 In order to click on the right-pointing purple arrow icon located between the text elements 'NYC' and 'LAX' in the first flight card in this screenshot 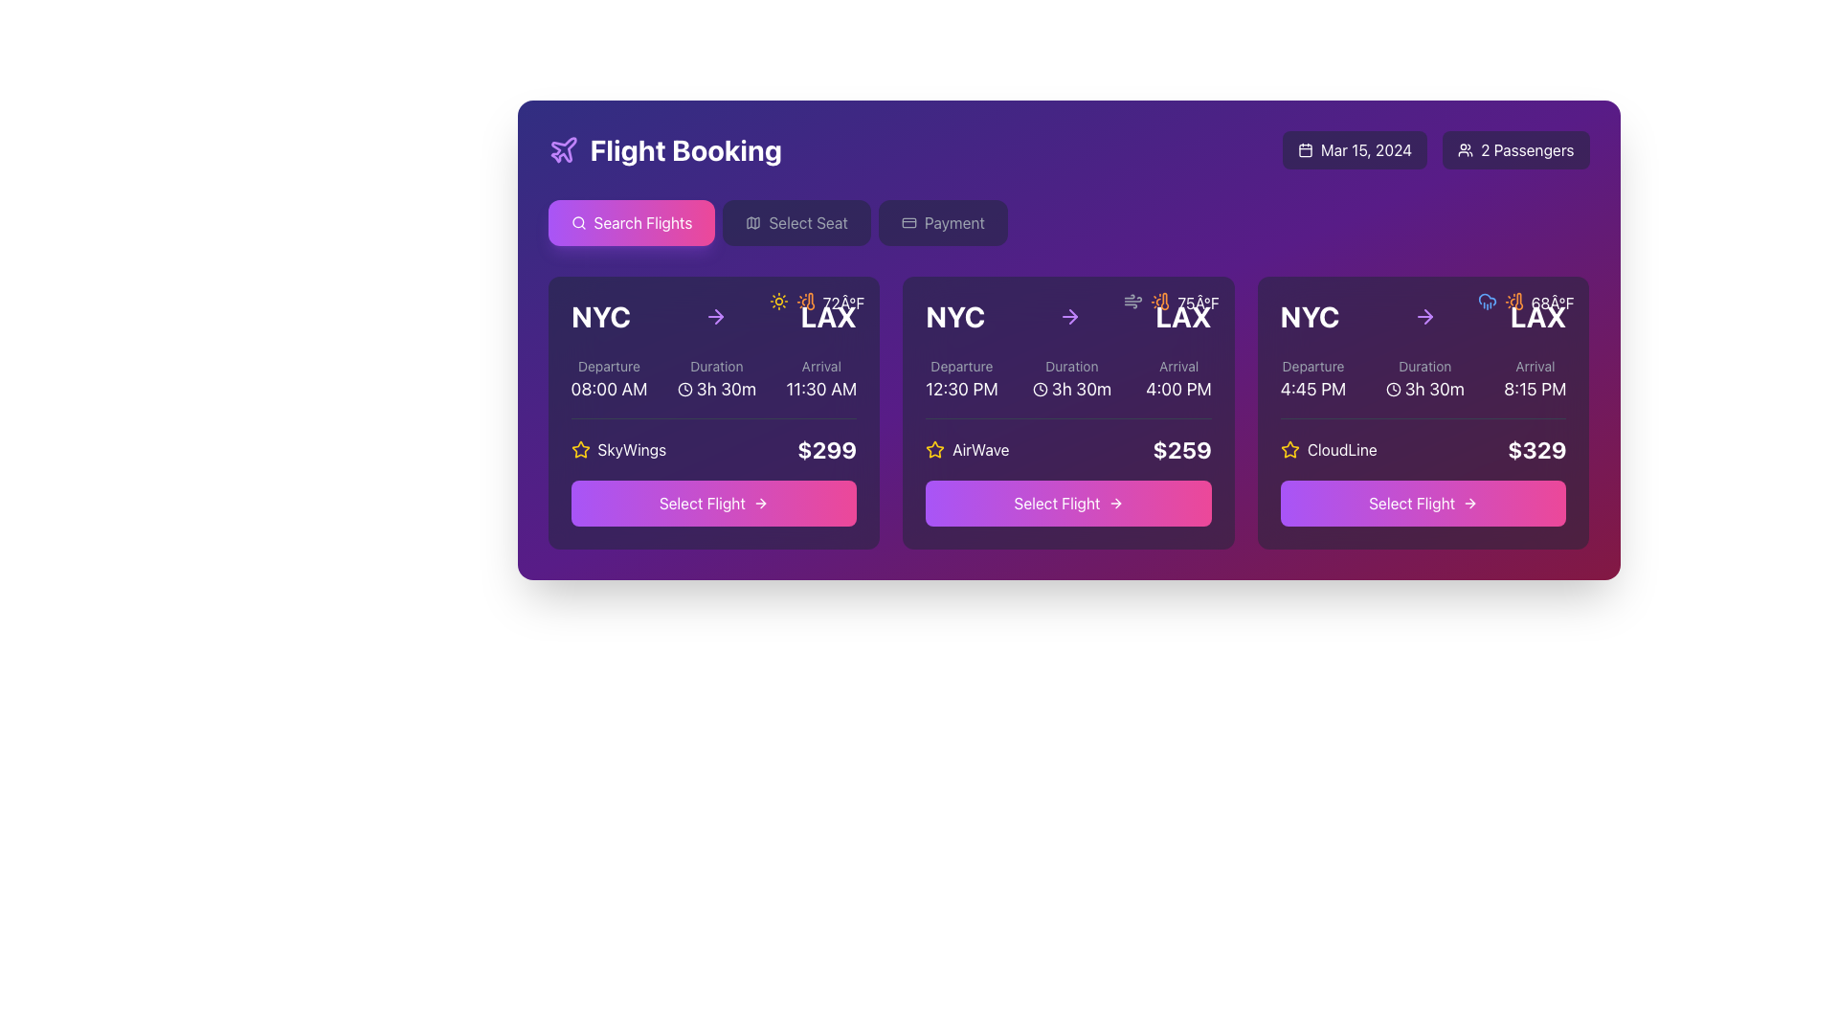, I will do `click(714, 316)`.